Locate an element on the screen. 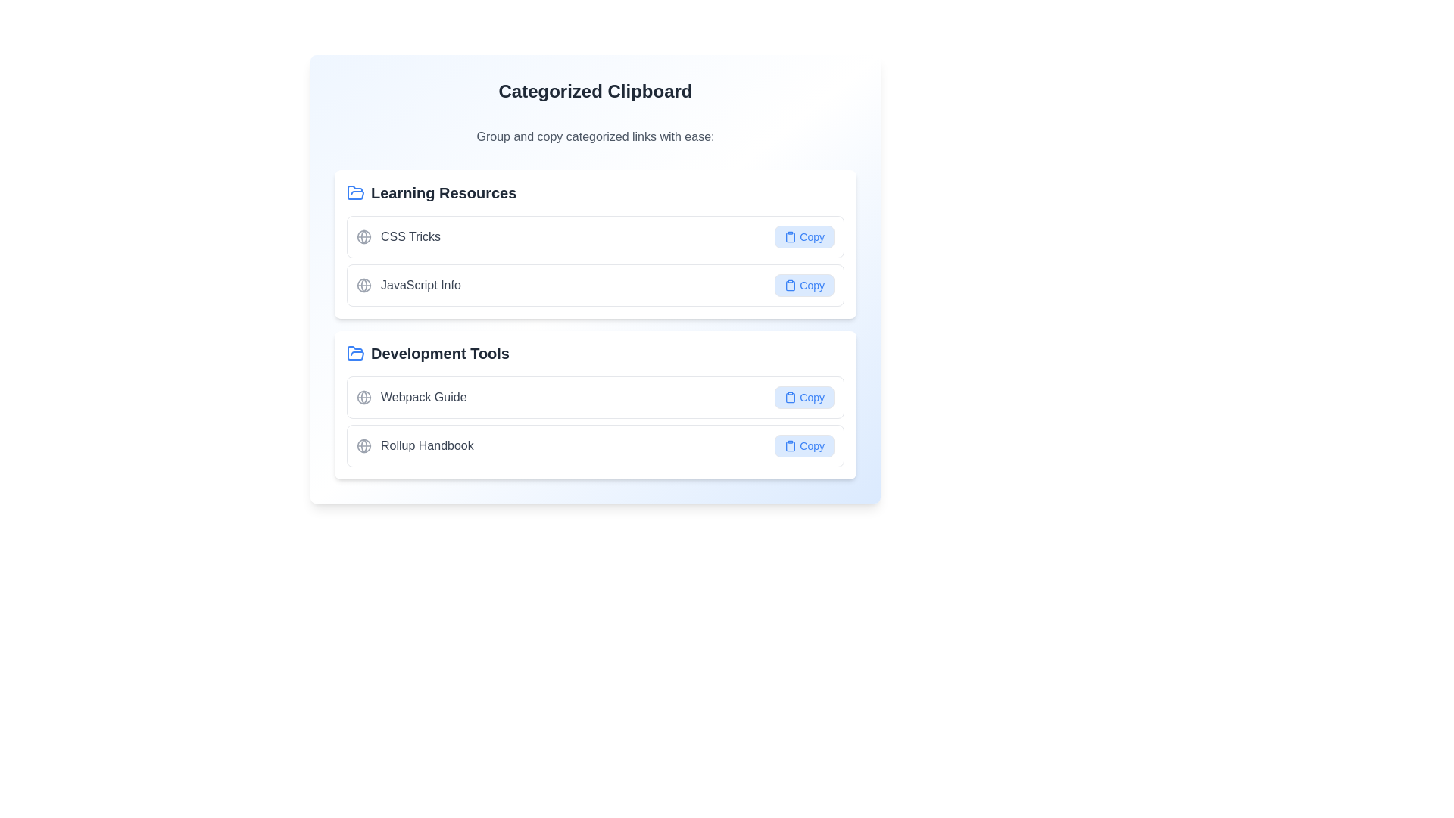  the small circle icon that is part of the globe icon in the 'Learning Resources' section, located to the left of the 'CSS Tricks' text label is located at coordinates (363, 236).